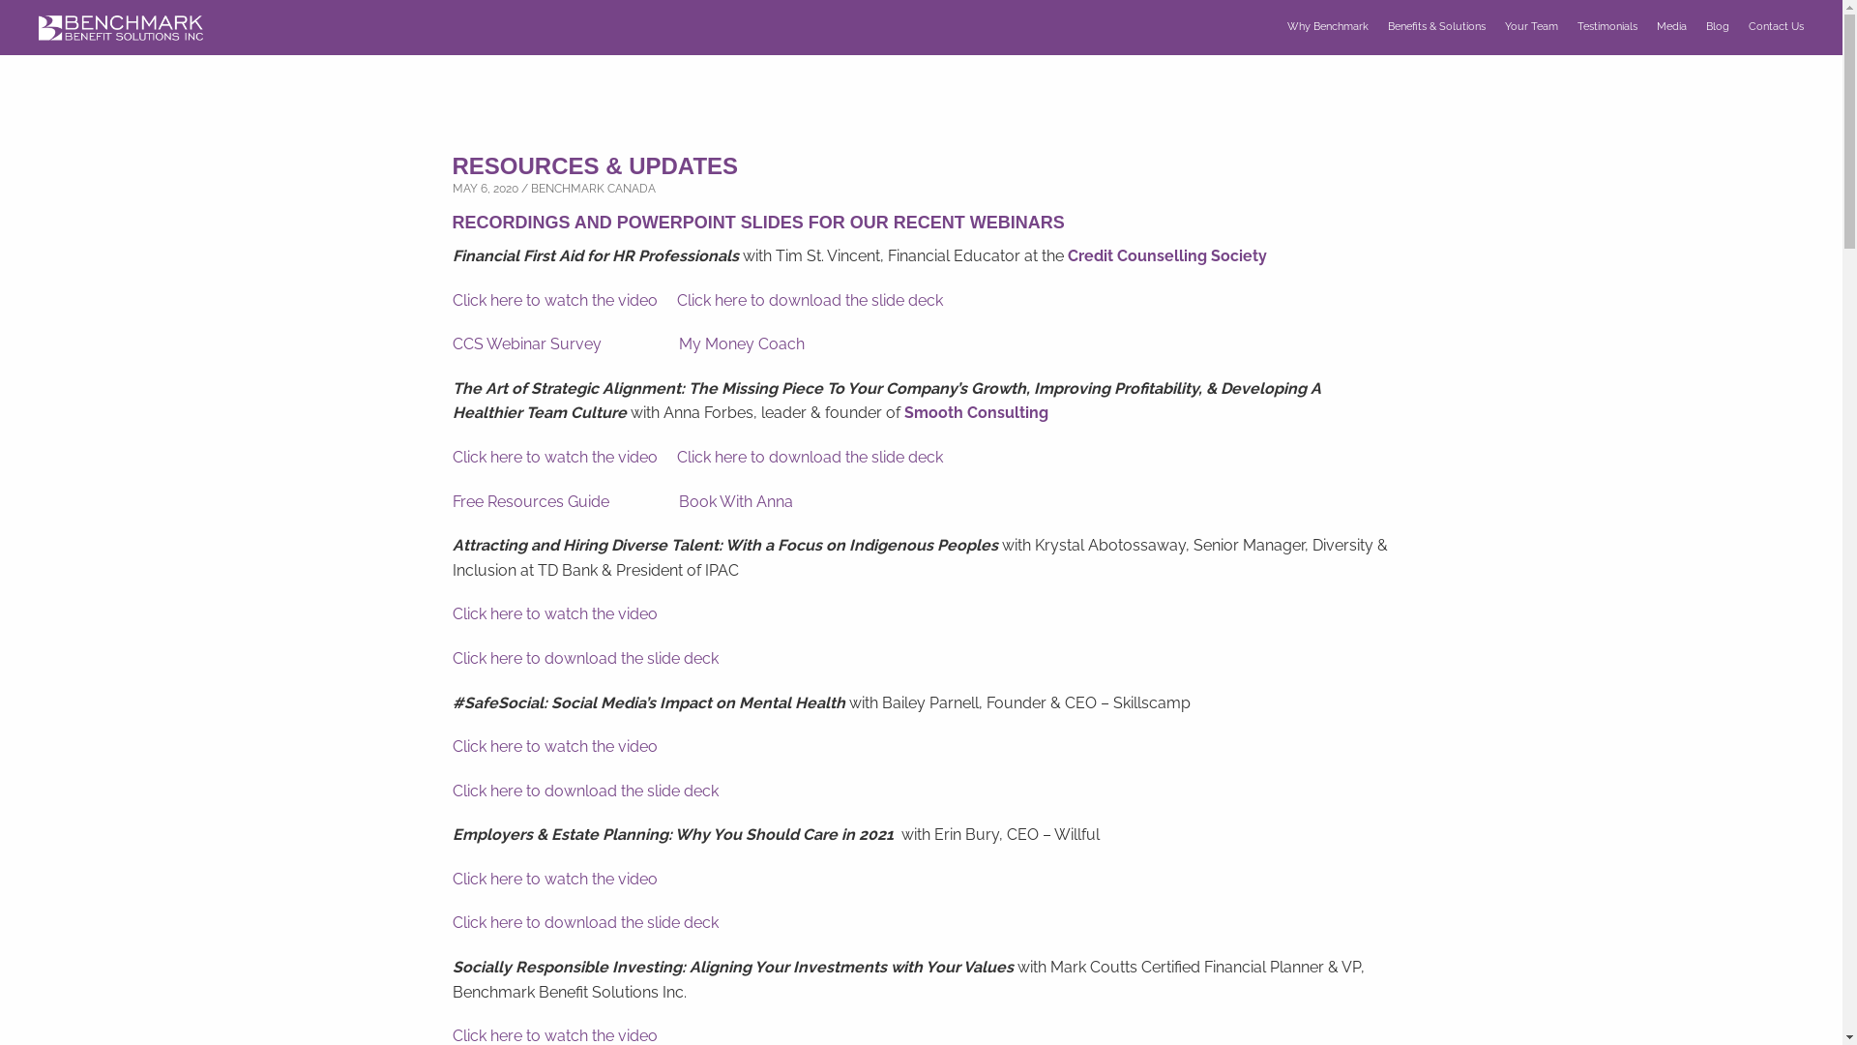  I want to click on 'Media', so click(1670, 26).